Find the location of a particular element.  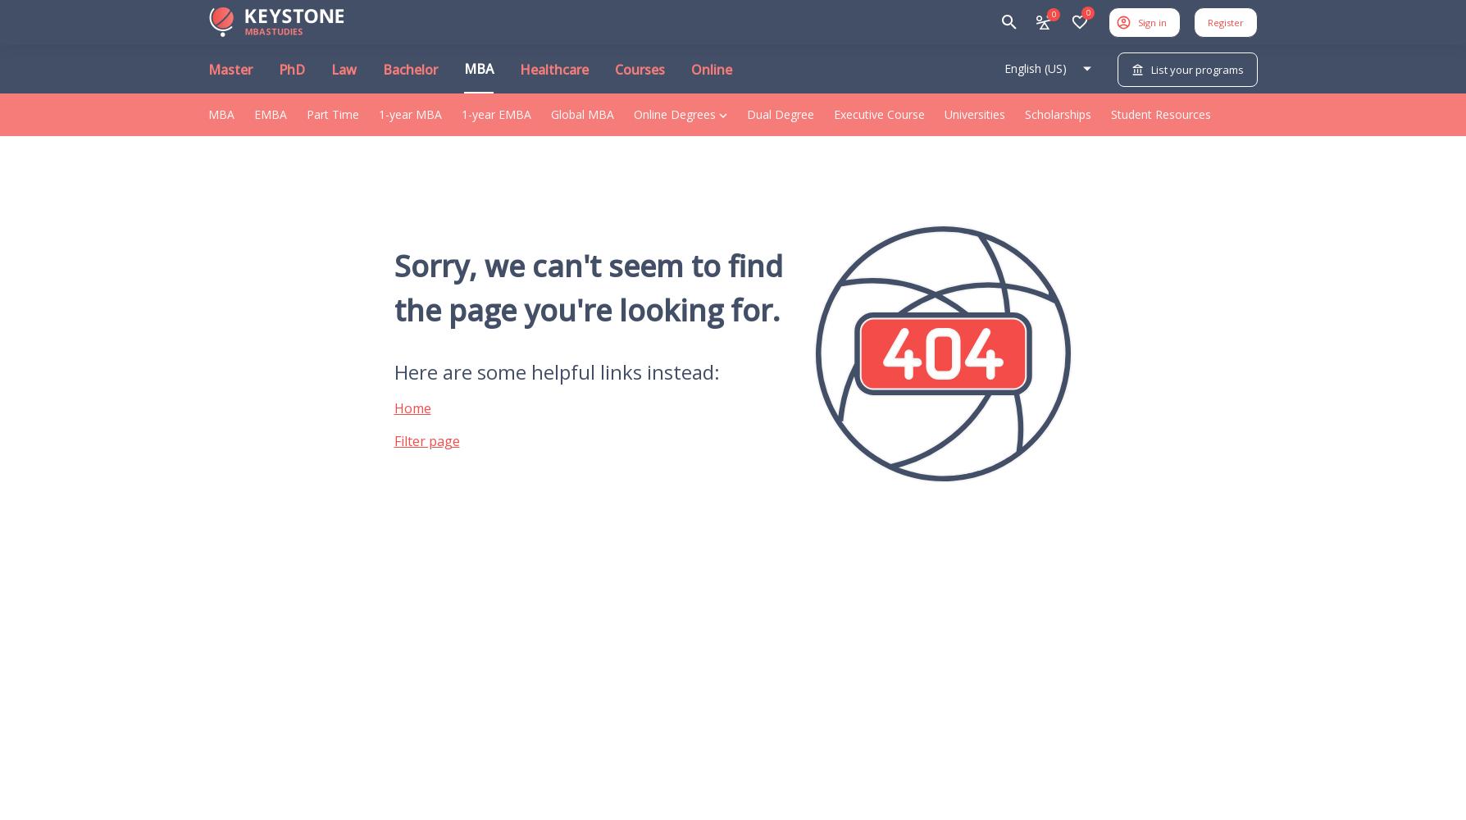

'Student Resources' is located at coordinates (1160, 114).